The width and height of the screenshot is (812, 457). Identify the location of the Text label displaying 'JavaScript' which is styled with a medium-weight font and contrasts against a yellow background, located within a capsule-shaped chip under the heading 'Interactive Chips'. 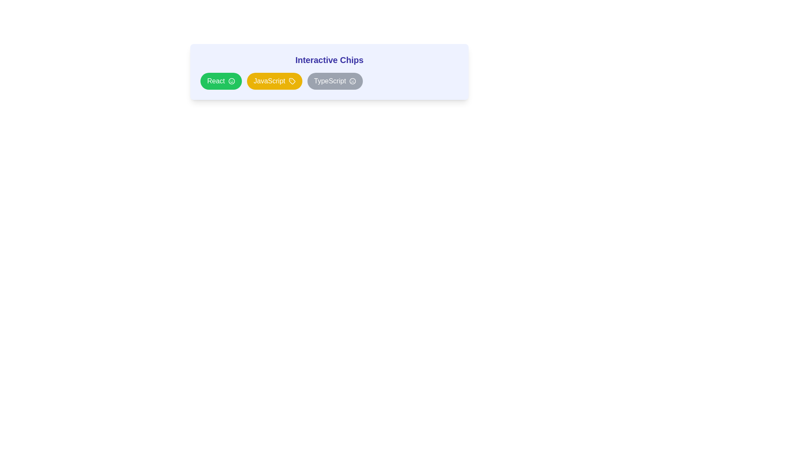
(269, 81).